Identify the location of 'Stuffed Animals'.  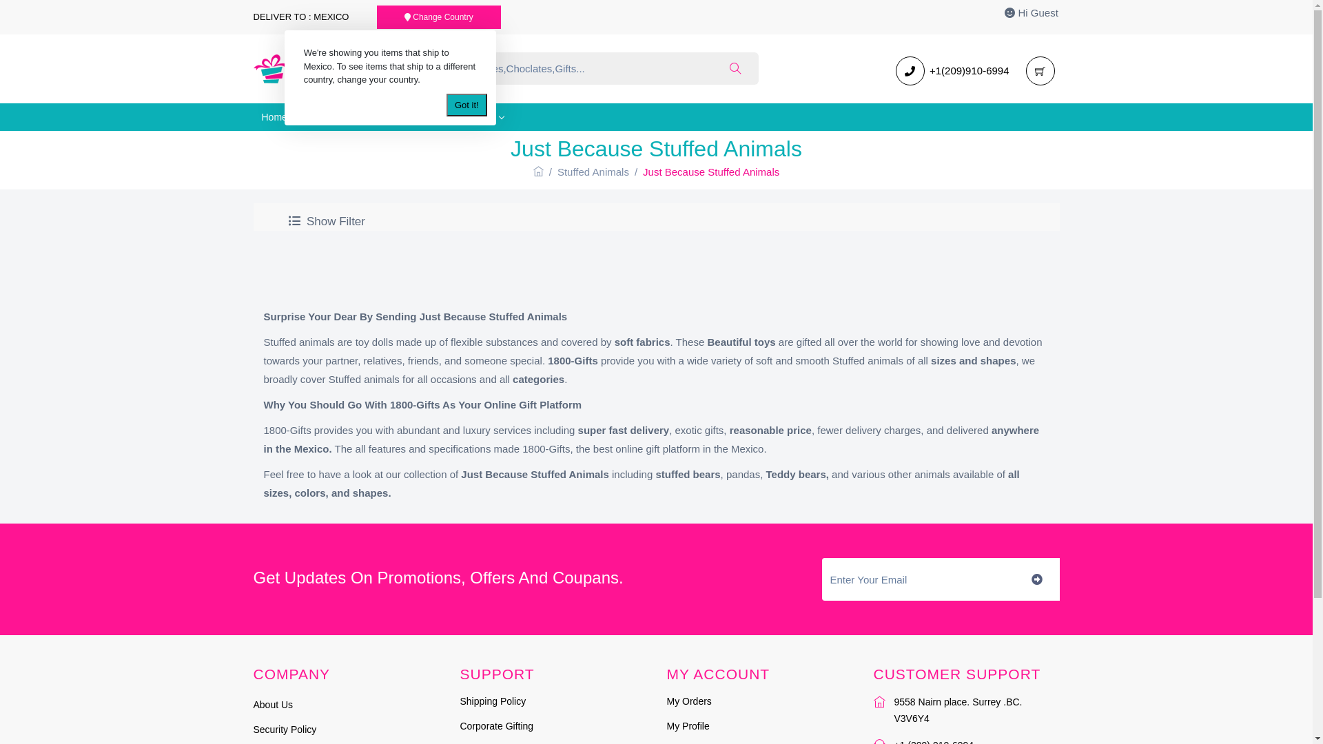
(593, 172).